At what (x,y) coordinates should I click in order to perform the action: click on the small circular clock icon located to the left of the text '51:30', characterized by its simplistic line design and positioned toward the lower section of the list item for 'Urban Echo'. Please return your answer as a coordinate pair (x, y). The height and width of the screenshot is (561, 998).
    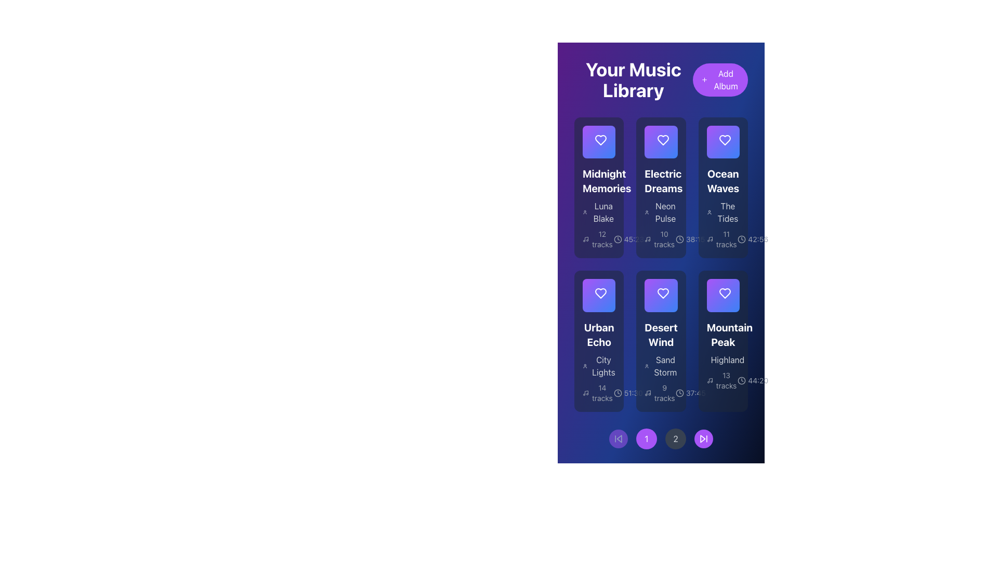
    Looking at the image, I should click on (618, 393).